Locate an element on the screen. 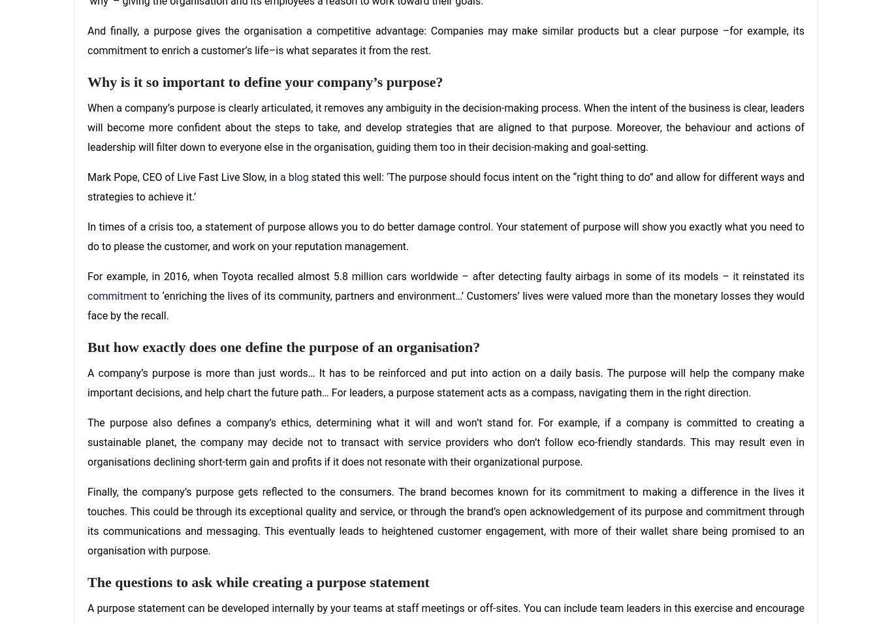 Image resolution: width=892 pixels, height=623 pixels. 'a blog' is located at coordinates (293, 176).